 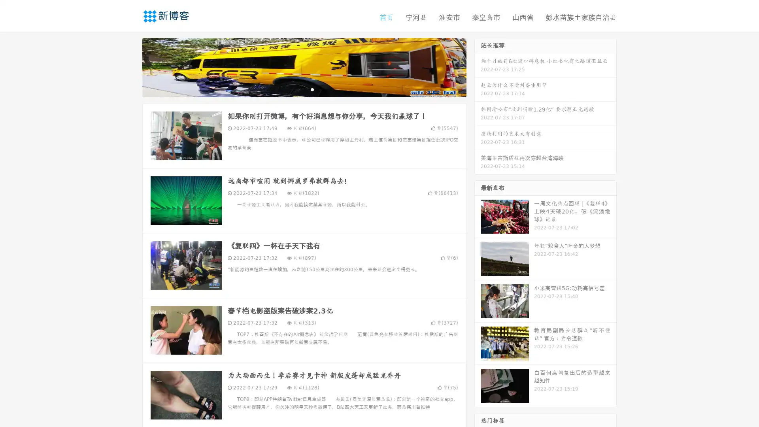 What do you see at coordinates (296, 89) in the screenshot?
I see `Go to slide 1` at bounding box center [296, 89].